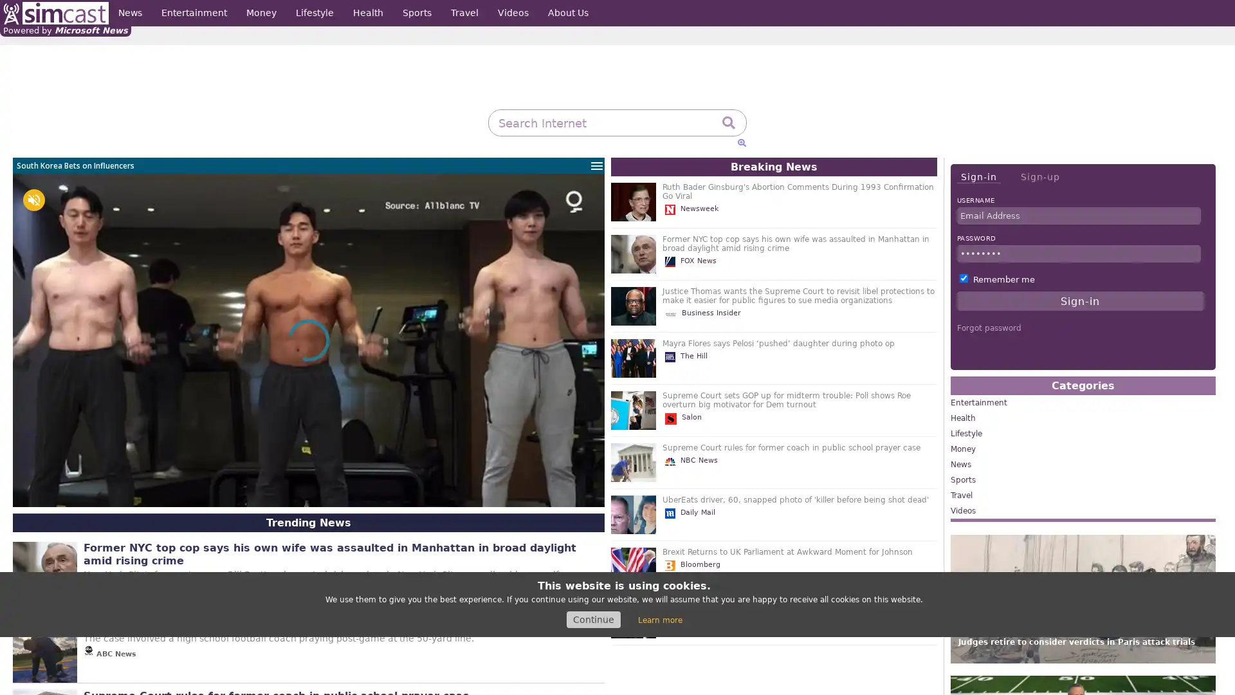 Image resolution: width=1235 pixels, height=695 pixels. What do you see at coordinates (978, 177) in the screenshot?
I see `Sign-in` at bounding box center [978, 177].